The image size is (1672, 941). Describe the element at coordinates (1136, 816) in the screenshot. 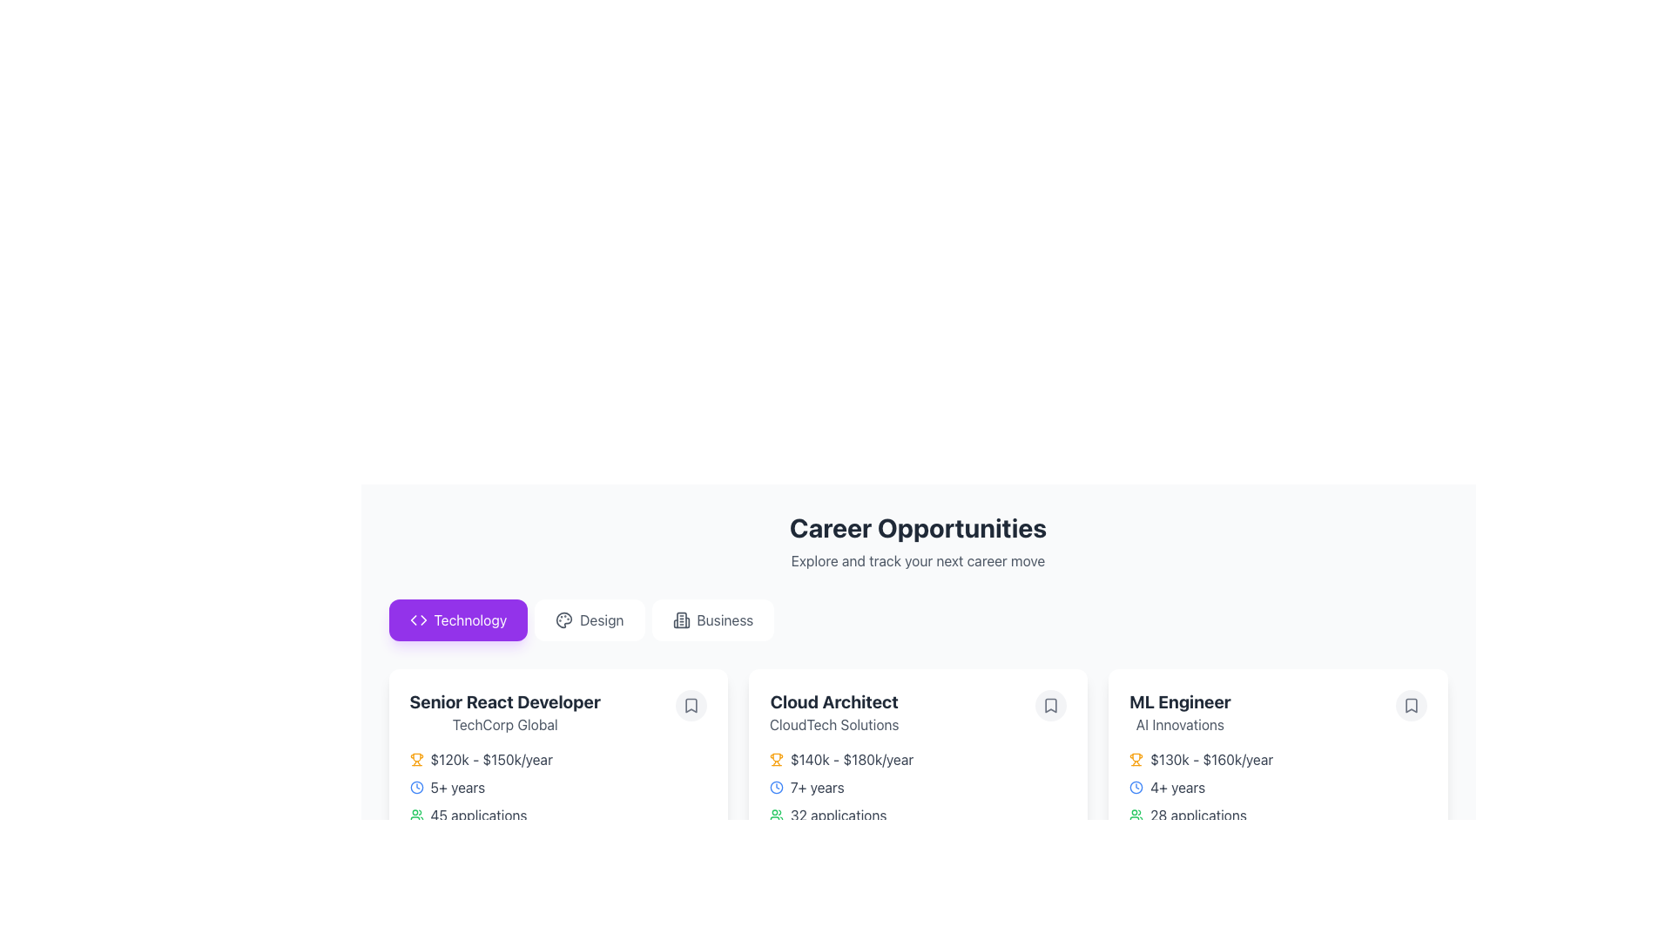

I see `the icon representing the user group or applicants associated with the 'ML Engineer' job posting, located to the left of the '28 applications' text` at that location.